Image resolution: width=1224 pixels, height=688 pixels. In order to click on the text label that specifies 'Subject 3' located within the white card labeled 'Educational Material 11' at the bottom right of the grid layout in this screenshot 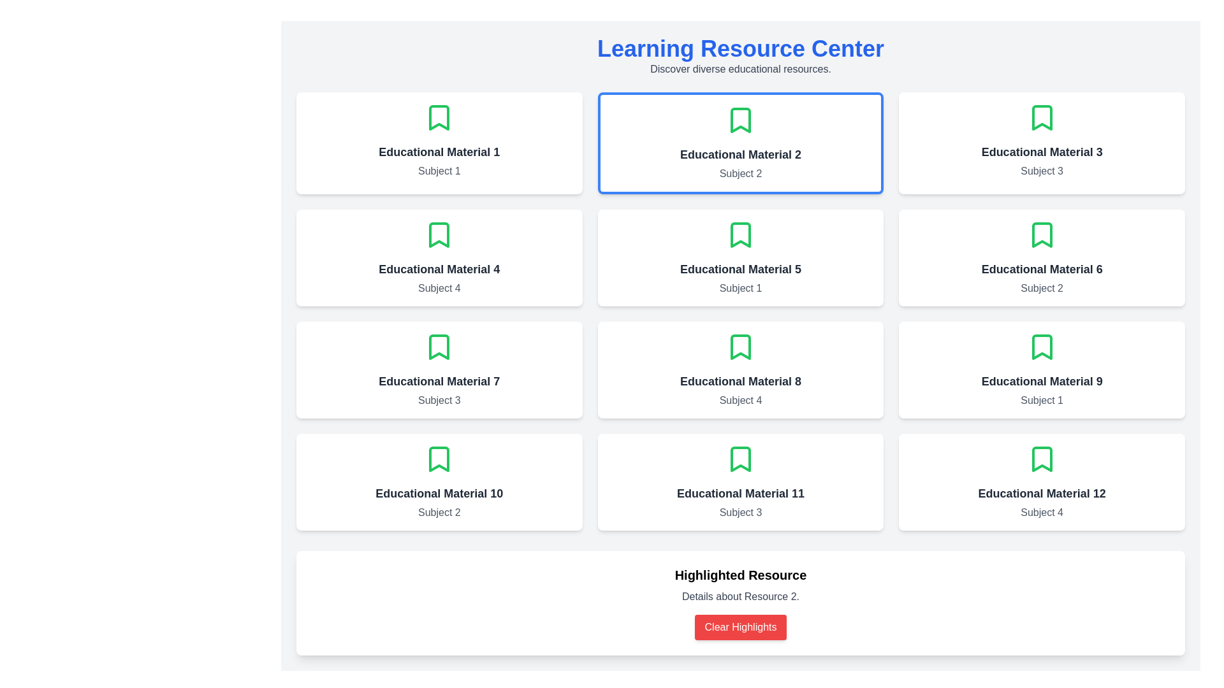, I will do `click(740, 512)`.